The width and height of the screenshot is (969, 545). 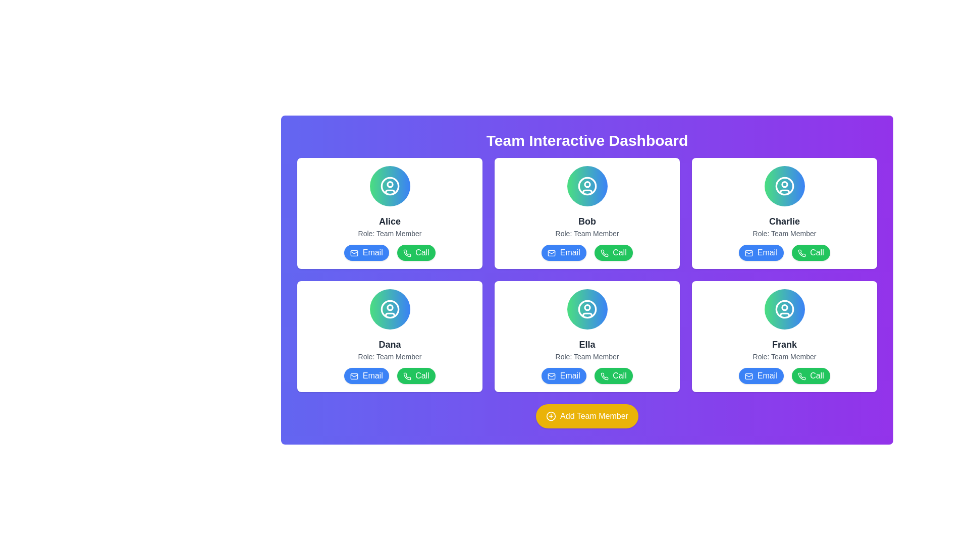 What do you see at coordinates (811, 375) in the screenshot?
I see `the action button for team member 'Frank' located in the bottom-right corner of his card` at bounding box center [811, 375].